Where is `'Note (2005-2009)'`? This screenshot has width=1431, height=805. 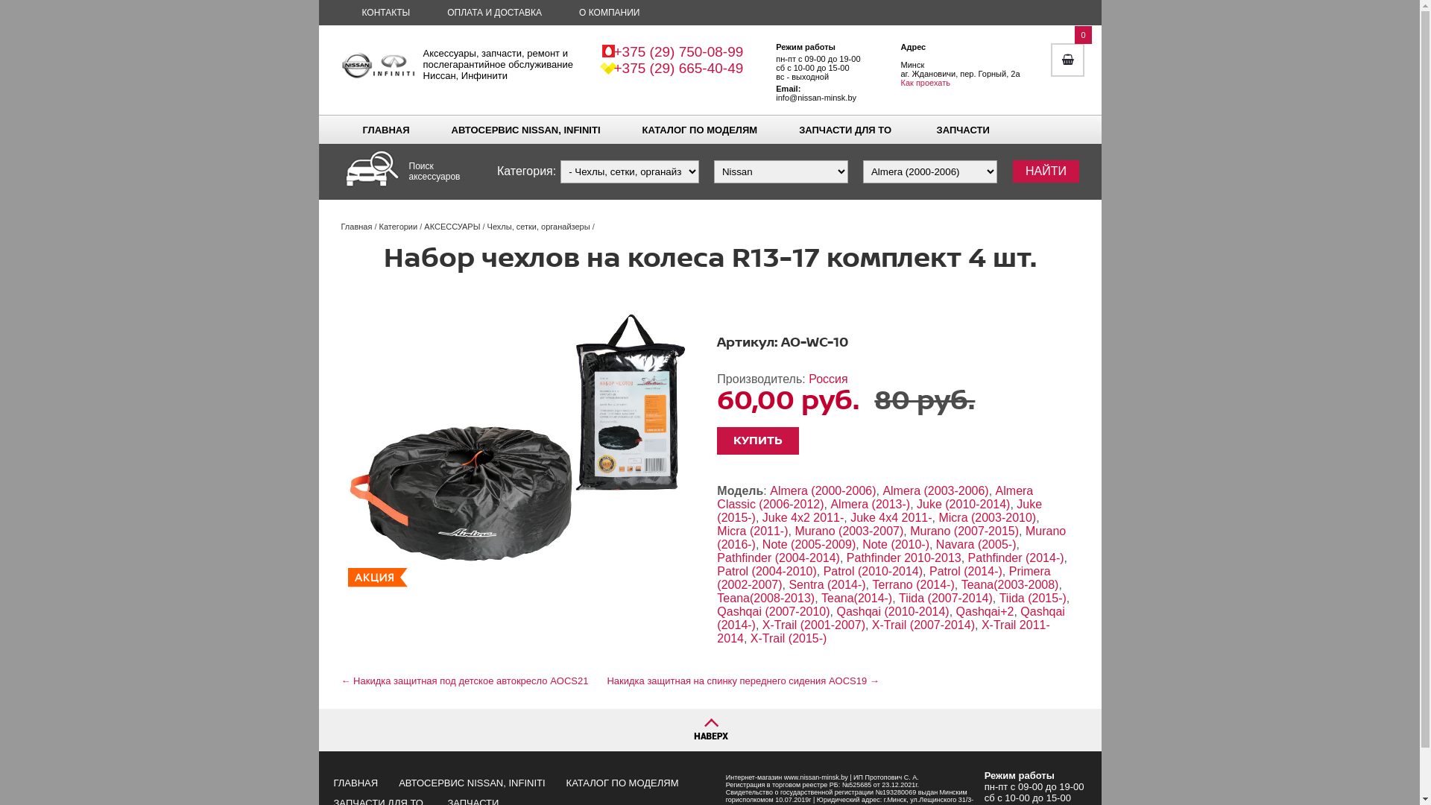 'Note (2005-2009)' is located at coordinates (808, 544).